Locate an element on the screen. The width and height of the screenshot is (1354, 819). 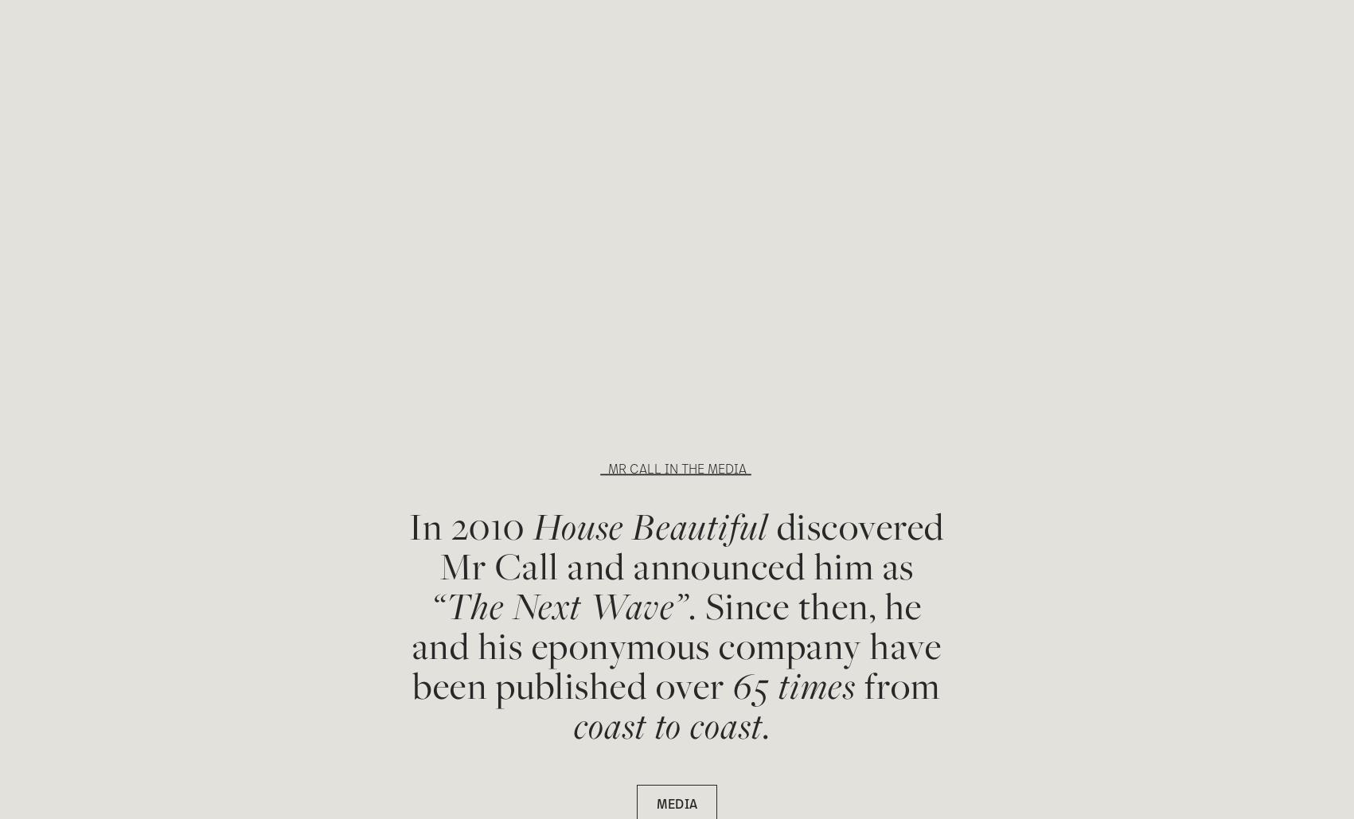
'In 2010' is located at coordinates (470, 525).